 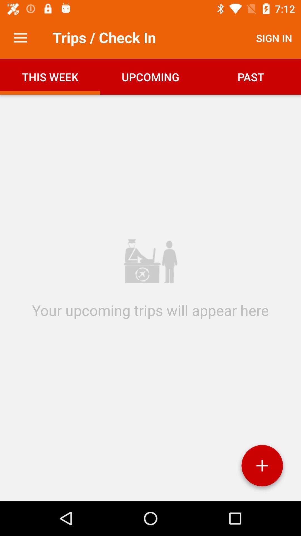 I want to click on item to the left of trips / check in item, so click(x=20, y=38).